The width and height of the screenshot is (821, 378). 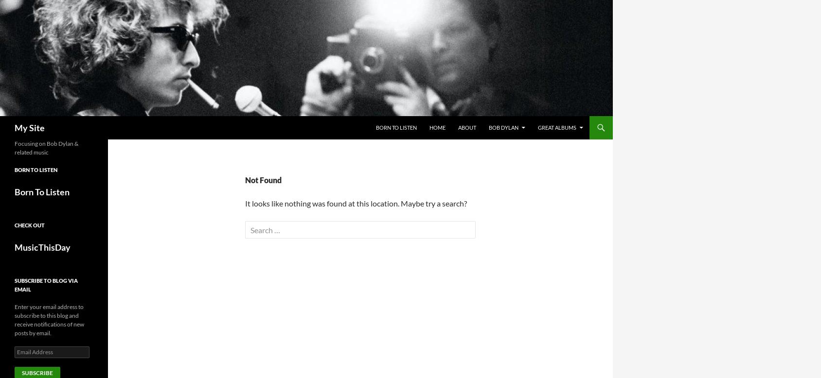 What do you see at coordinates (29, 224) in the screenshot?
I see `'Check out'` at bounding box center [29, 224].